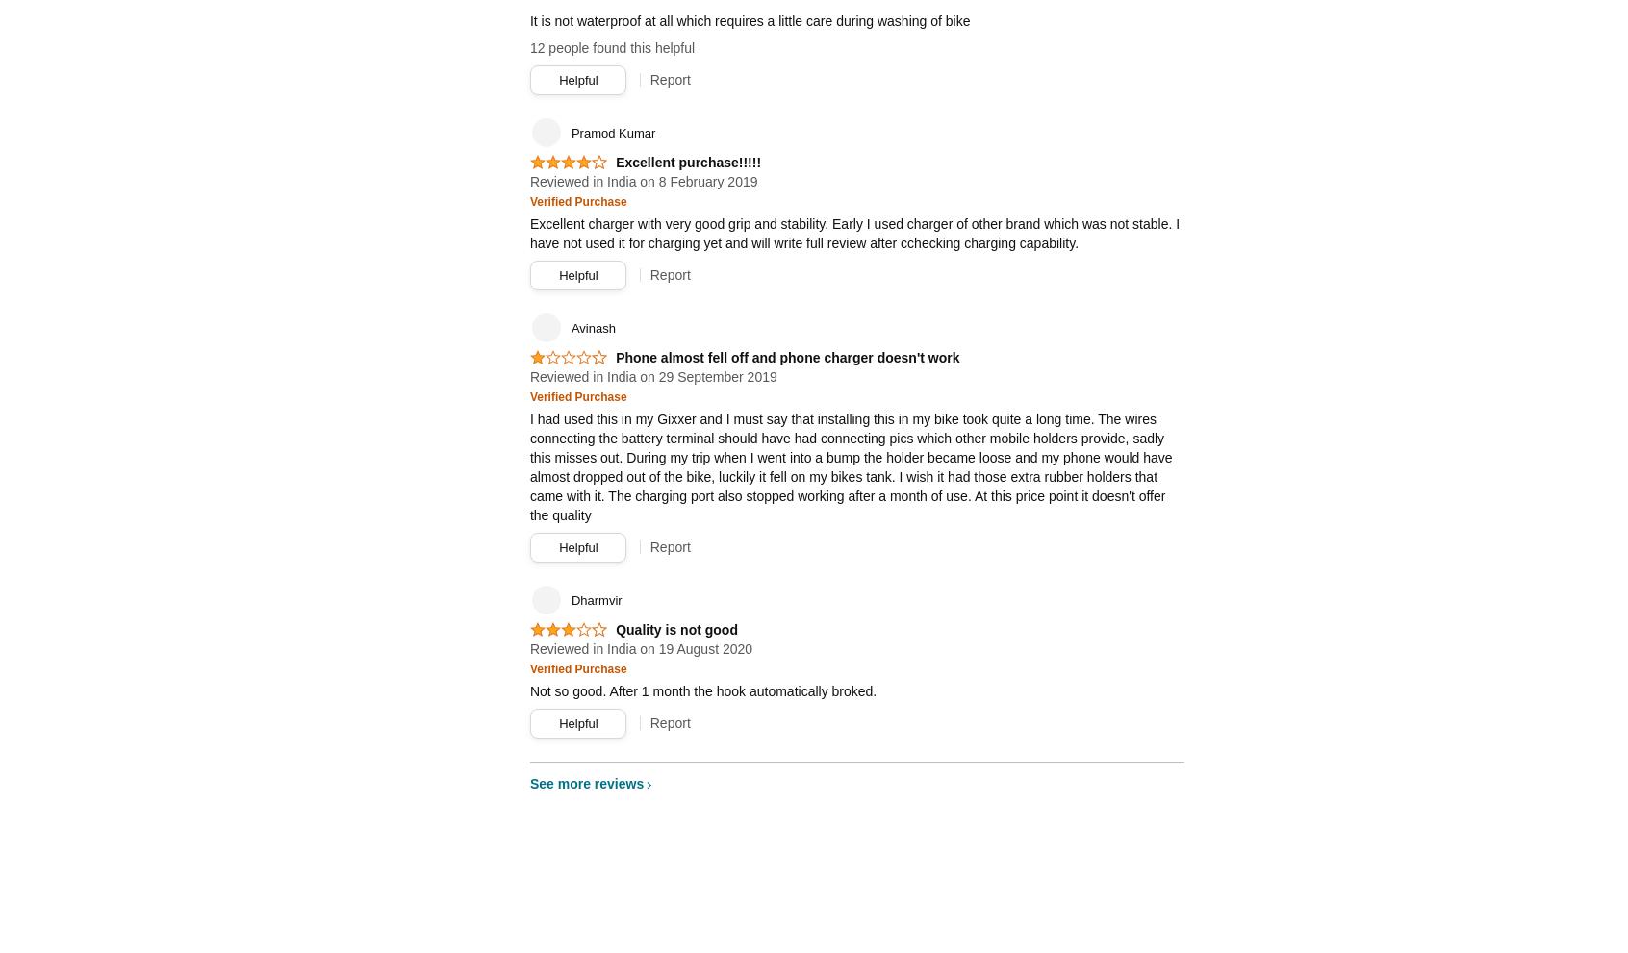  What do you see at coordinates (529, 782) in the screenshot?
I see `'See more reviews'` at bounding box center [529, 782].